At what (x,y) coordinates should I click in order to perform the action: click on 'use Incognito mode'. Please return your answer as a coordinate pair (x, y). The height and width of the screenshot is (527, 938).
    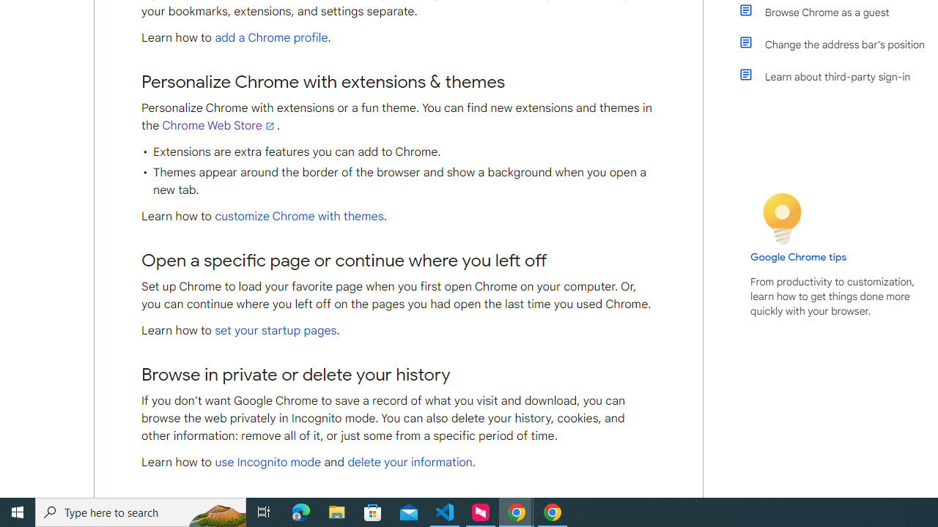
    Looking at the image, I should click on (268, 463).